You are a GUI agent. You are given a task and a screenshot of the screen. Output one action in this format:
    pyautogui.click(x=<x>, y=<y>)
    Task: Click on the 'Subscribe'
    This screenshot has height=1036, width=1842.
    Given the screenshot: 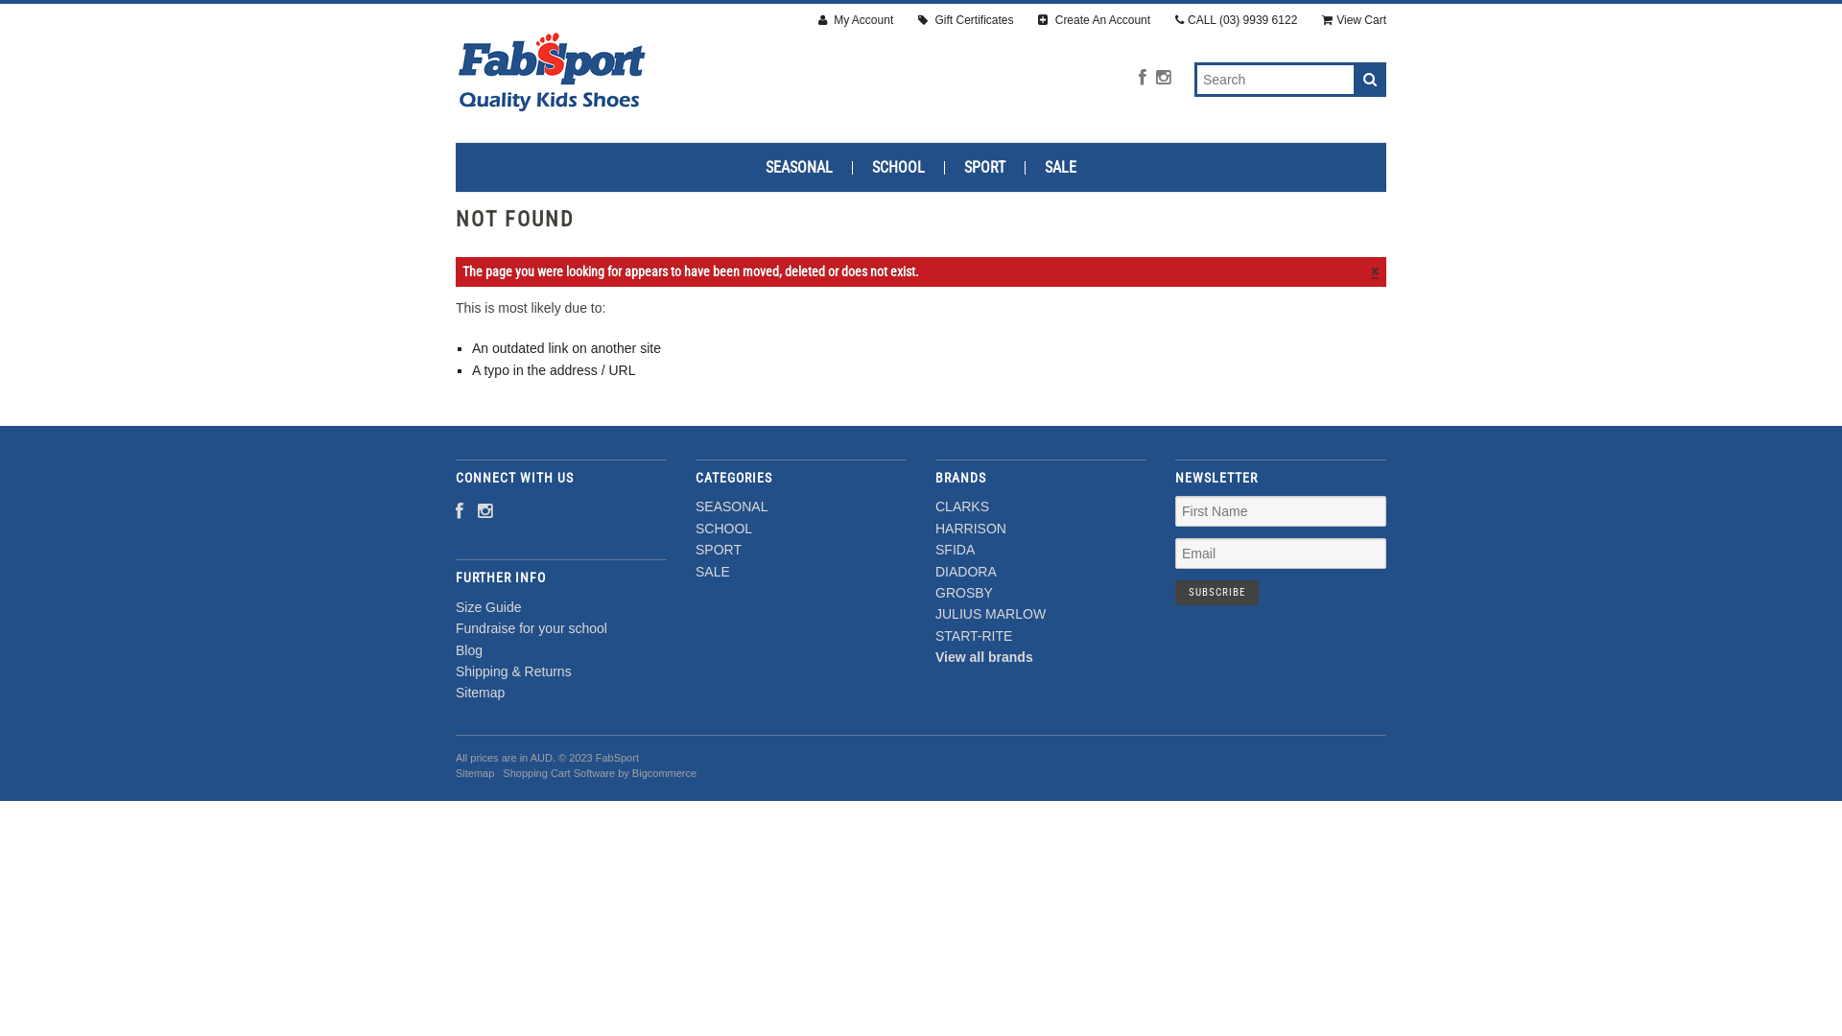 What is the action you would take?
    pyautogui.click(x=1216, y=591)
    